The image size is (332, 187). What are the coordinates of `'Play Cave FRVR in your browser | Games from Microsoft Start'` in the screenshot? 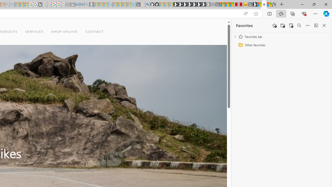 It's located at (185, 4).